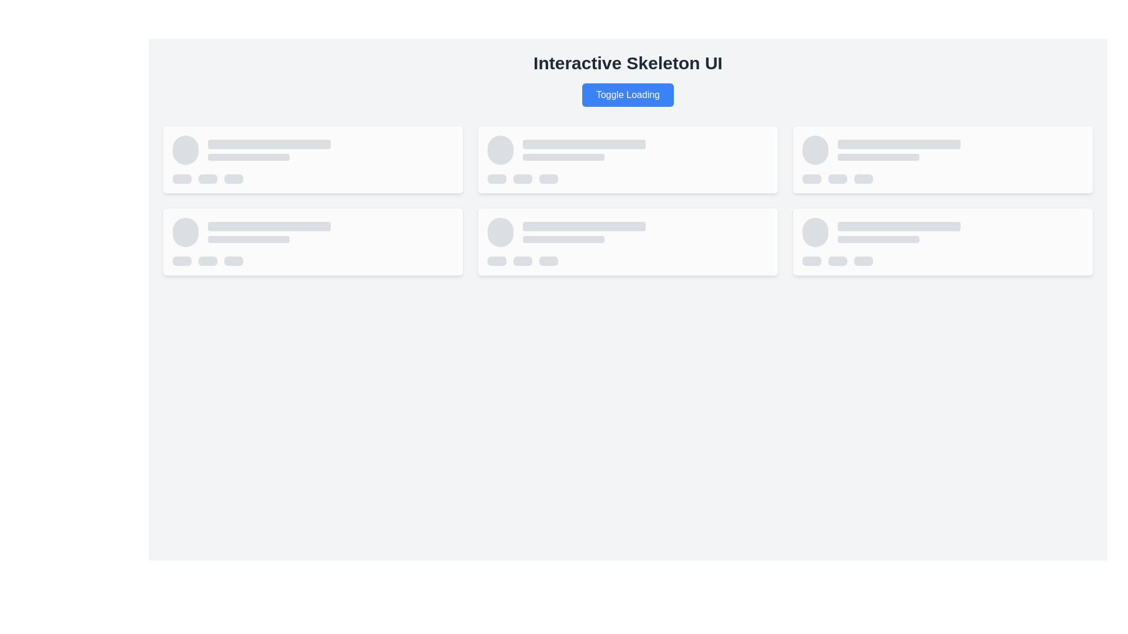 The height and width of the screenshot is (634, 1128). Describe the element at coordinates (942, 232) in the screenshot. I see `Skeleton loading placeholder located in the rightmost card of the second row within a grid layout using developer tools` at that location.